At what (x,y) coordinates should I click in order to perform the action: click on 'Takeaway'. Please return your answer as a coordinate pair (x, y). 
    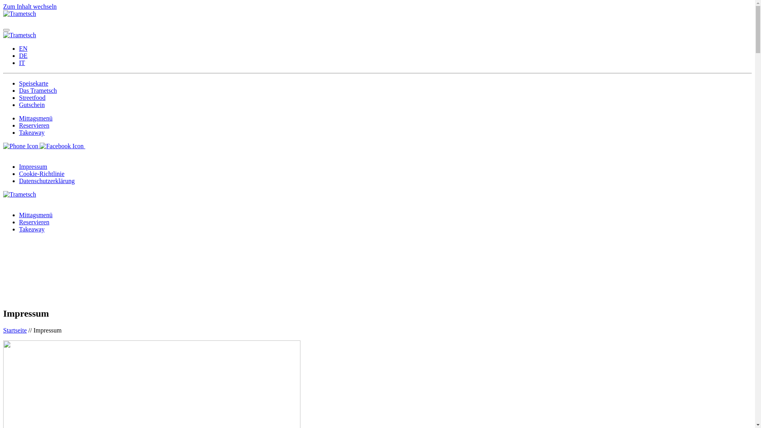
    Looking at the image, I should click on (32, 132).